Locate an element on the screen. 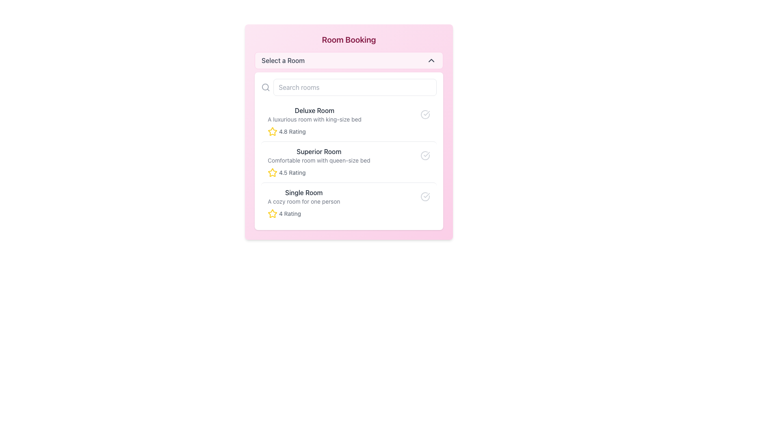 This screenshot has height=439, width=780. text group that describes the 'Superior Room', which consists of the heading 'Superior Room' and the description 'Comfortable room with queen-size bed' is located at coordinates (318, 155).